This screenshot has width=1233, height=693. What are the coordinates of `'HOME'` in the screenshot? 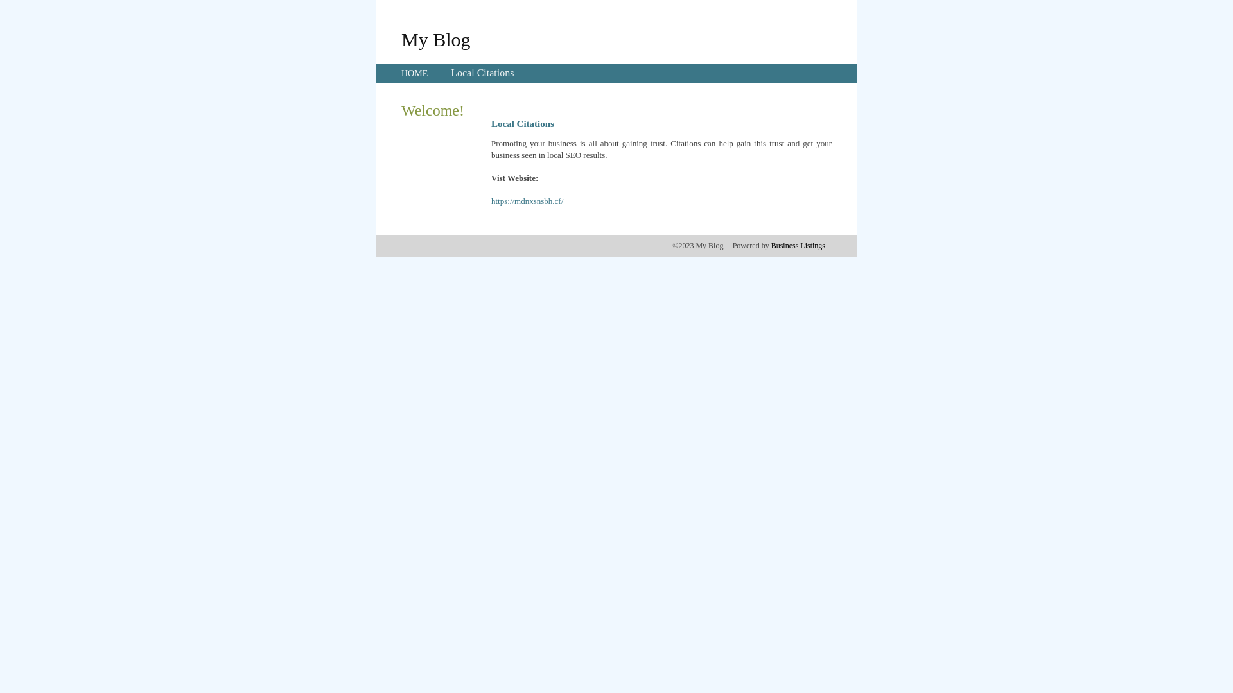 It's located at (414, 73).